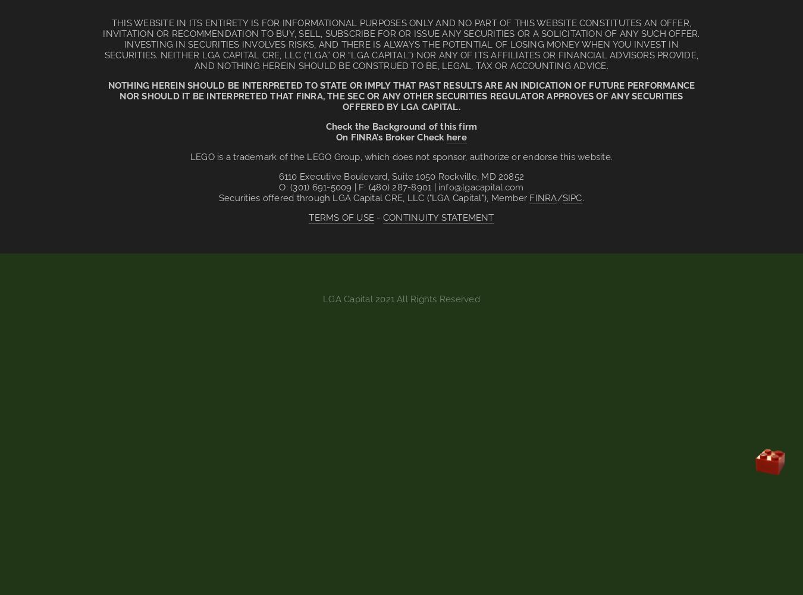 This screenshot has width=803, height=595. I want to click on 'TERMS OF USE', so click(341, 217).